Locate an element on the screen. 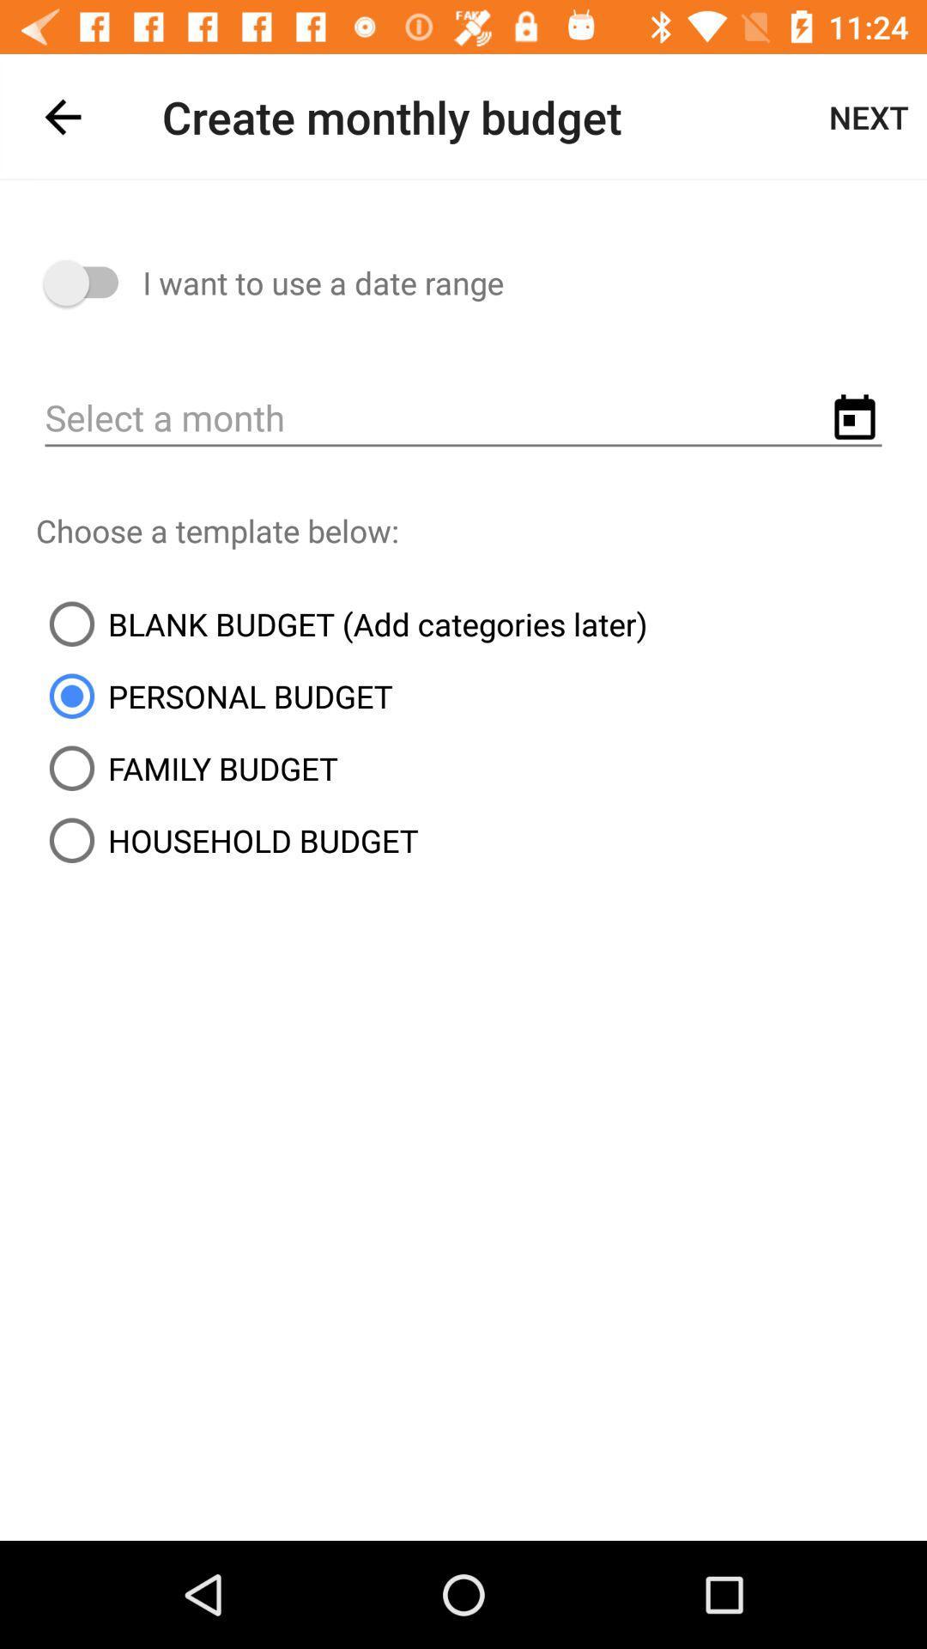 Image resolution: width=927 pixels, height=1649 pixels. item above the personal budget icon is located at coordinates (342, 623).